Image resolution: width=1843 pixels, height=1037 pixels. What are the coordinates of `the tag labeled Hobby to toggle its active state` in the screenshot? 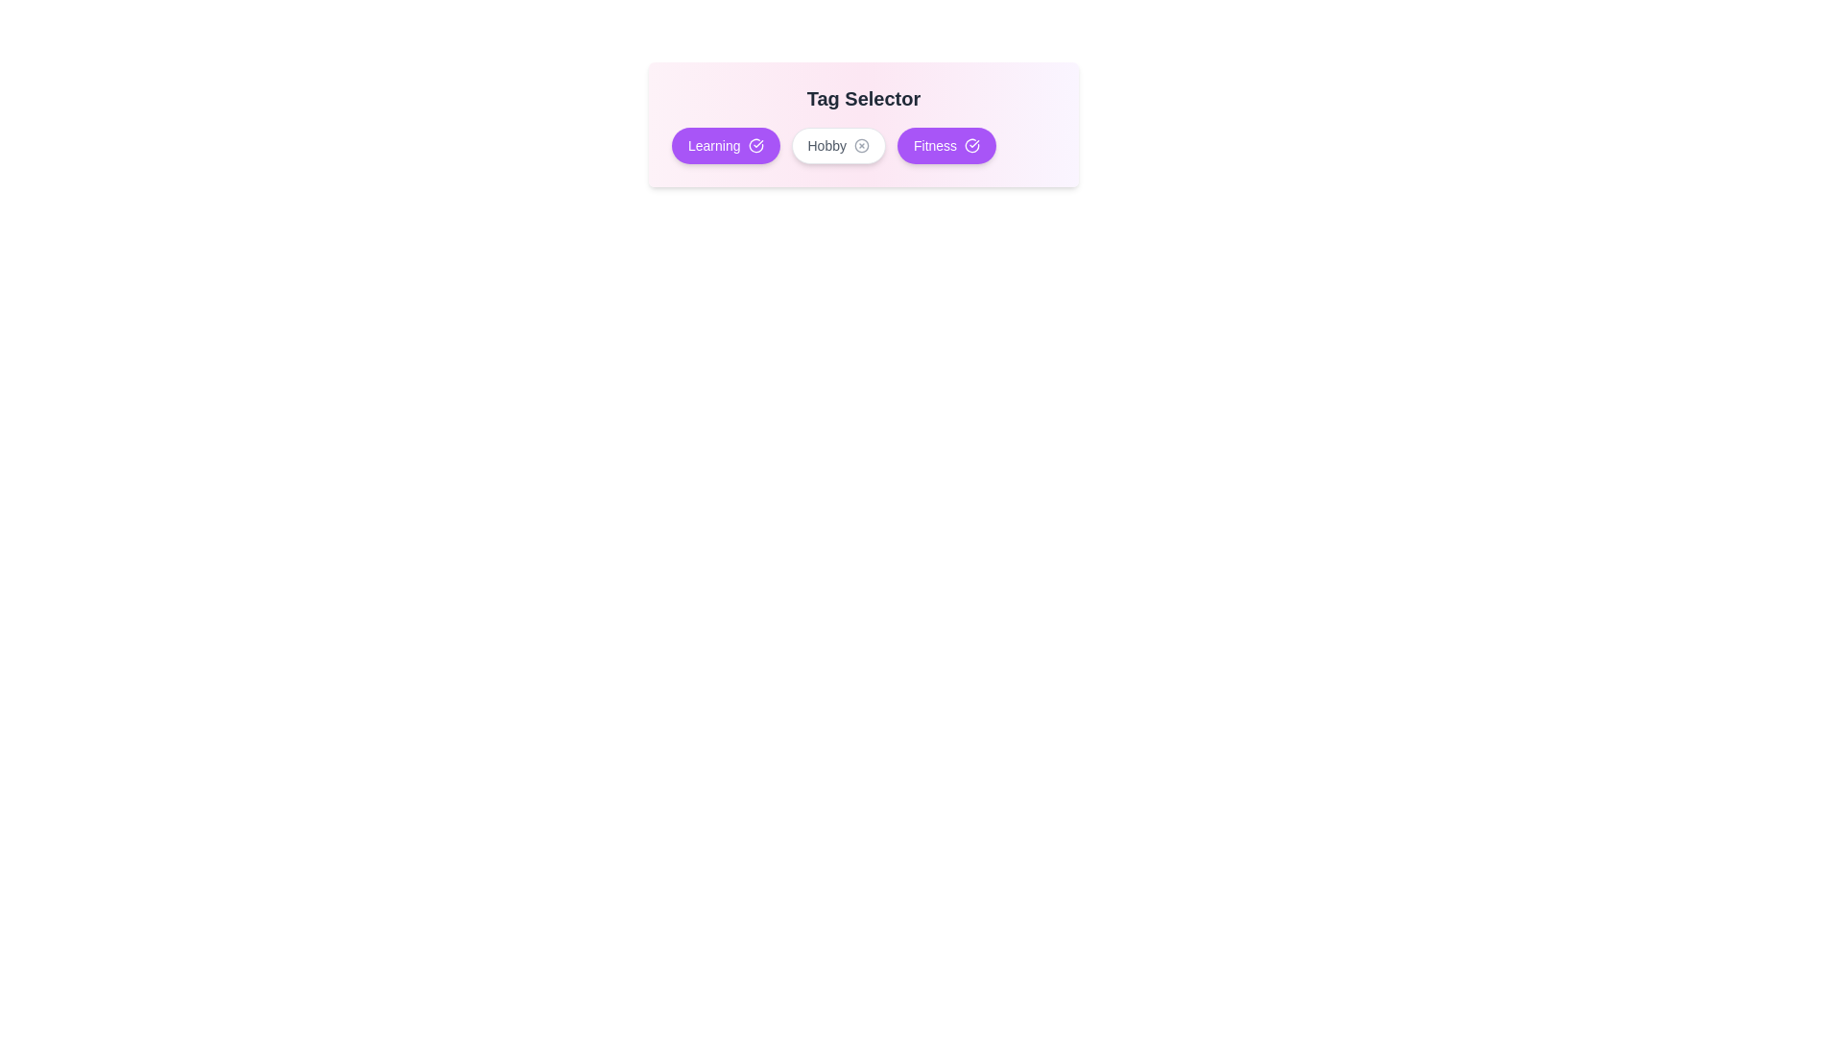 It's located at (838, 144).